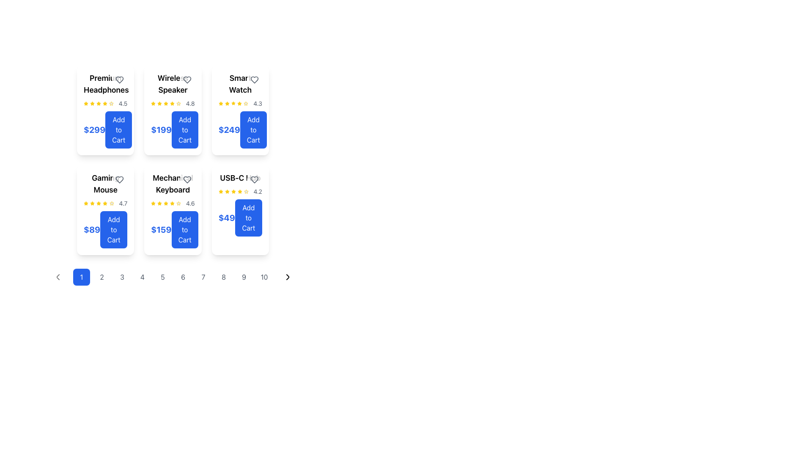 This screenshot has height=457, width=812. Describe the element at coordinates (227, 217) in the screenshot. I see `the displayed price of the 'USB-C Hub' product by focusing on the text label located to the left of the 'Add to Cart' button` at that location.